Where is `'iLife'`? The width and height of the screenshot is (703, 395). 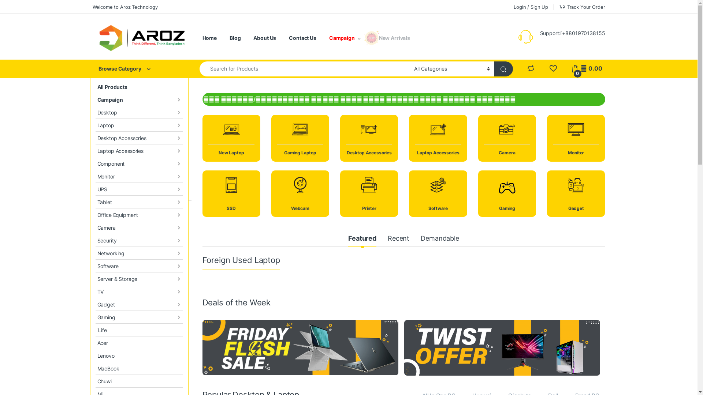
'iLife' is located at coordinates (139, 330).